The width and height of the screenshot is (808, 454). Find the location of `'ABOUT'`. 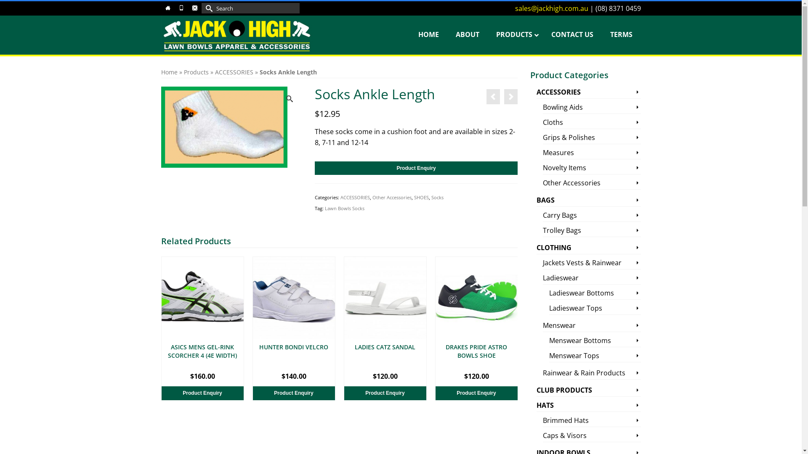

'ABOUT' is located at coordinates (446, 34).